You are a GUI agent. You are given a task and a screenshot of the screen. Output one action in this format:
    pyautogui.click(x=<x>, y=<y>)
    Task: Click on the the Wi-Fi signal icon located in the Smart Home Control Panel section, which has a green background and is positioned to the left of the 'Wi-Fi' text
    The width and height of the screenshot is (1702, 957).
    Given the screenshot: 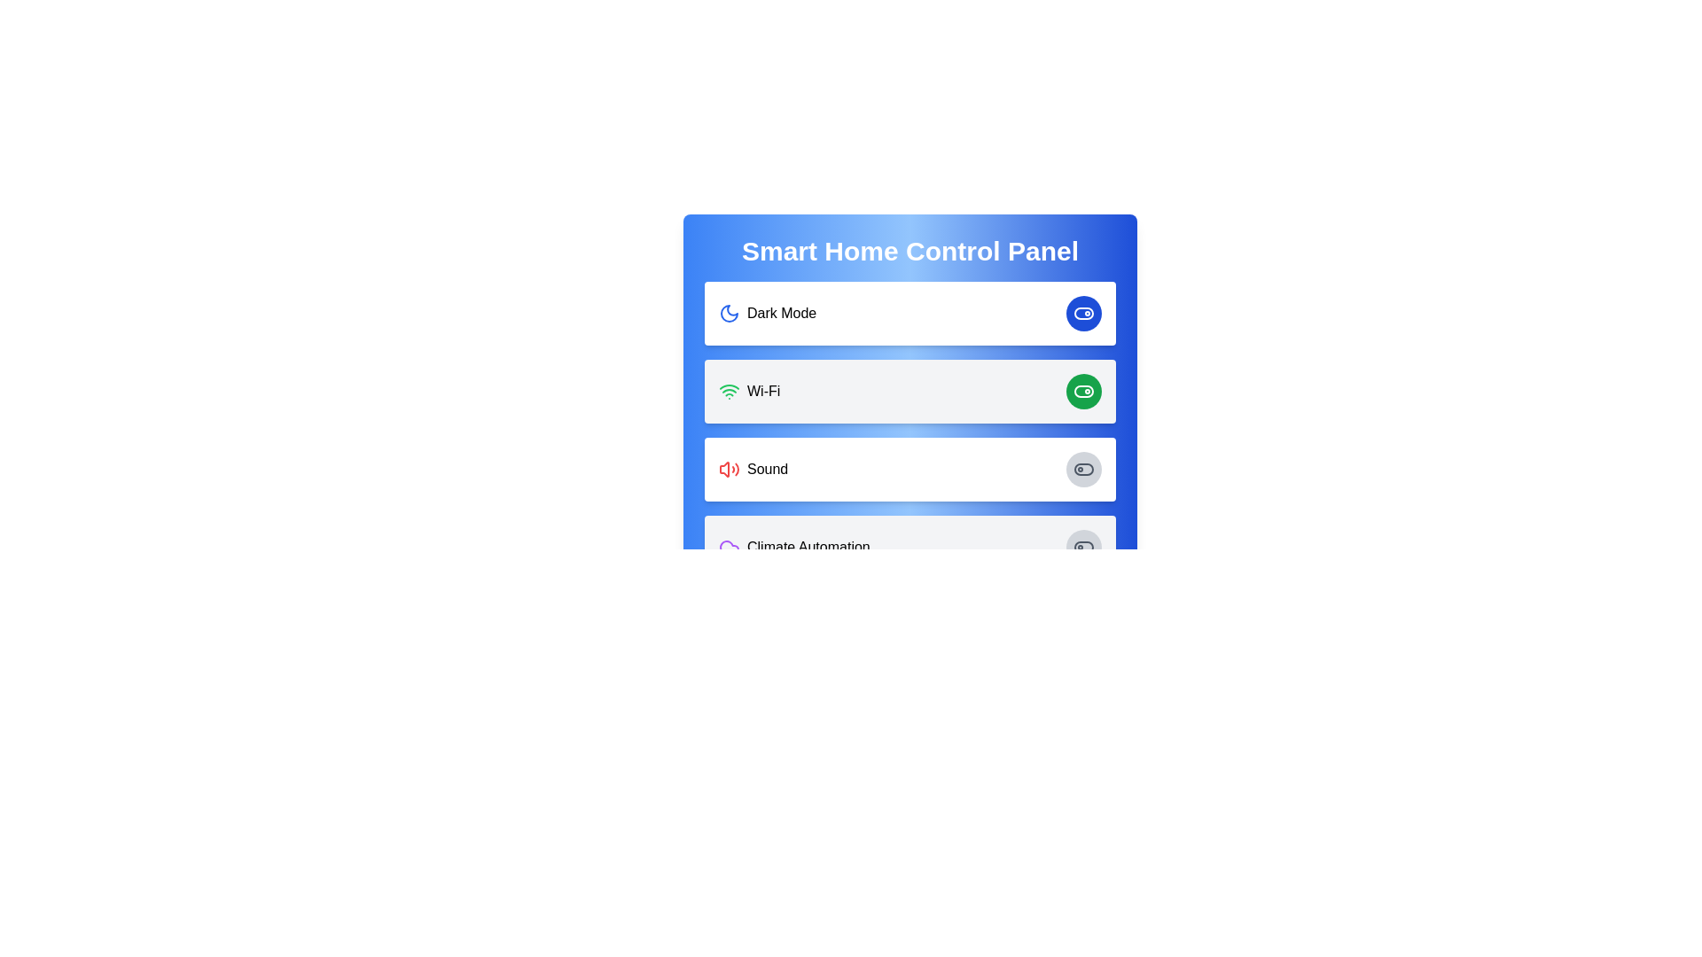 What is the action you would take?
    pyautogui.click(x=729, y=391)
    